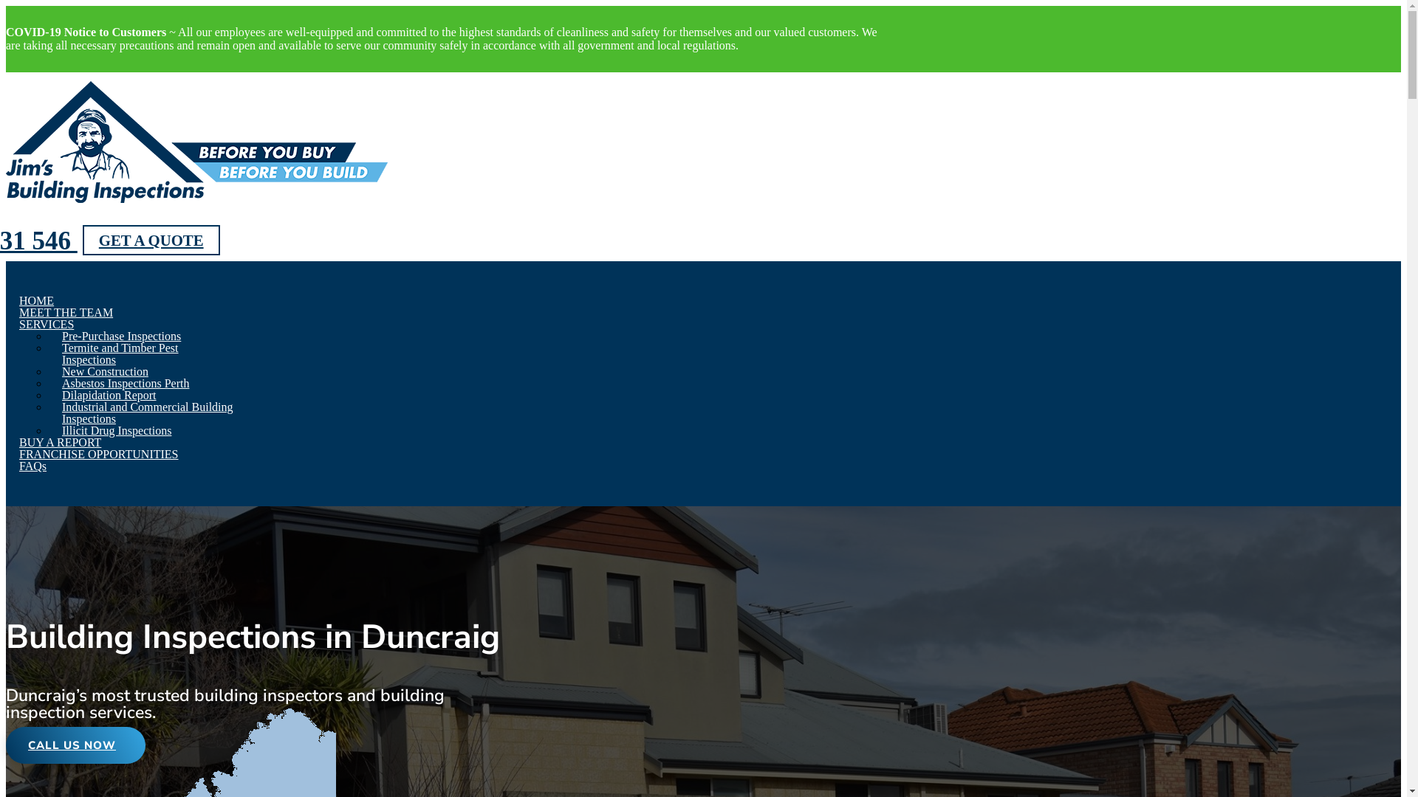 The width and height of the screenshot is (1418, 797). Describe the element at coordinates (41, 240) in the screenshot. I see `'131 546'` at that location.